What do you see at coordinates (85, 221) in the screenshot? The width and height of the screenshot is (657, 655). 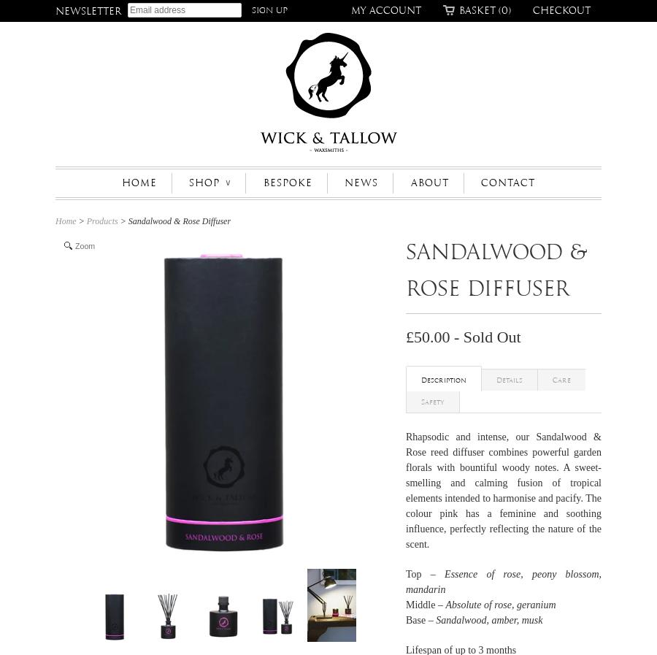 I see `'Products'` at bounding box center [85, 221].